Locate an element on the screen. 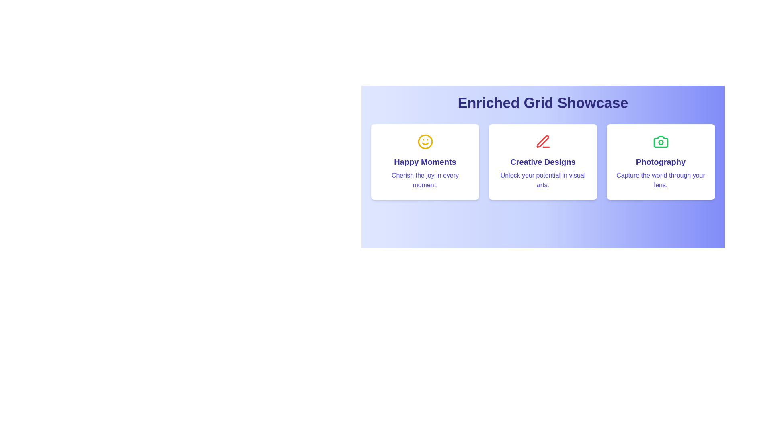  text label serving as the title for the 'Photography' section, which is located within the third card below a green camera icon and above descriptive text is located at coordinates (661, 162).